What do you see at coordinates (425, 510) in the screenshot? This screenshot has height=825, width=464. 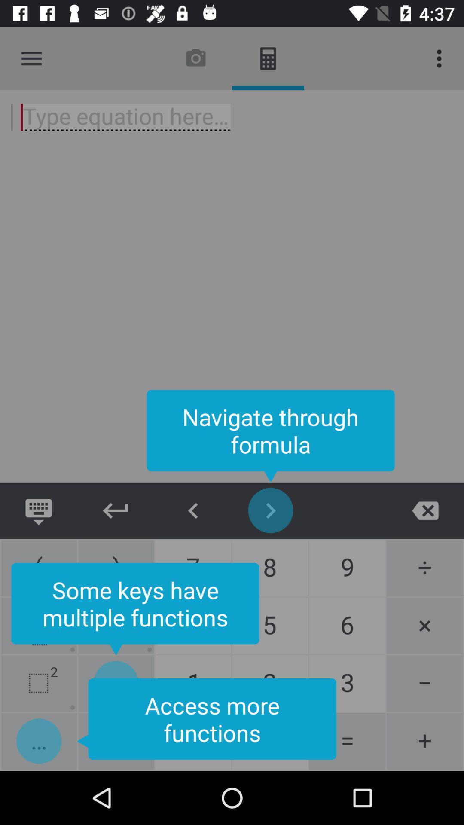 I see `back` at bounding box center [425, 510].